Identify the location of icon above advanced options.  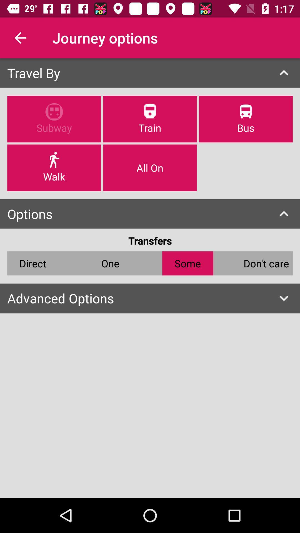
(33, 263).